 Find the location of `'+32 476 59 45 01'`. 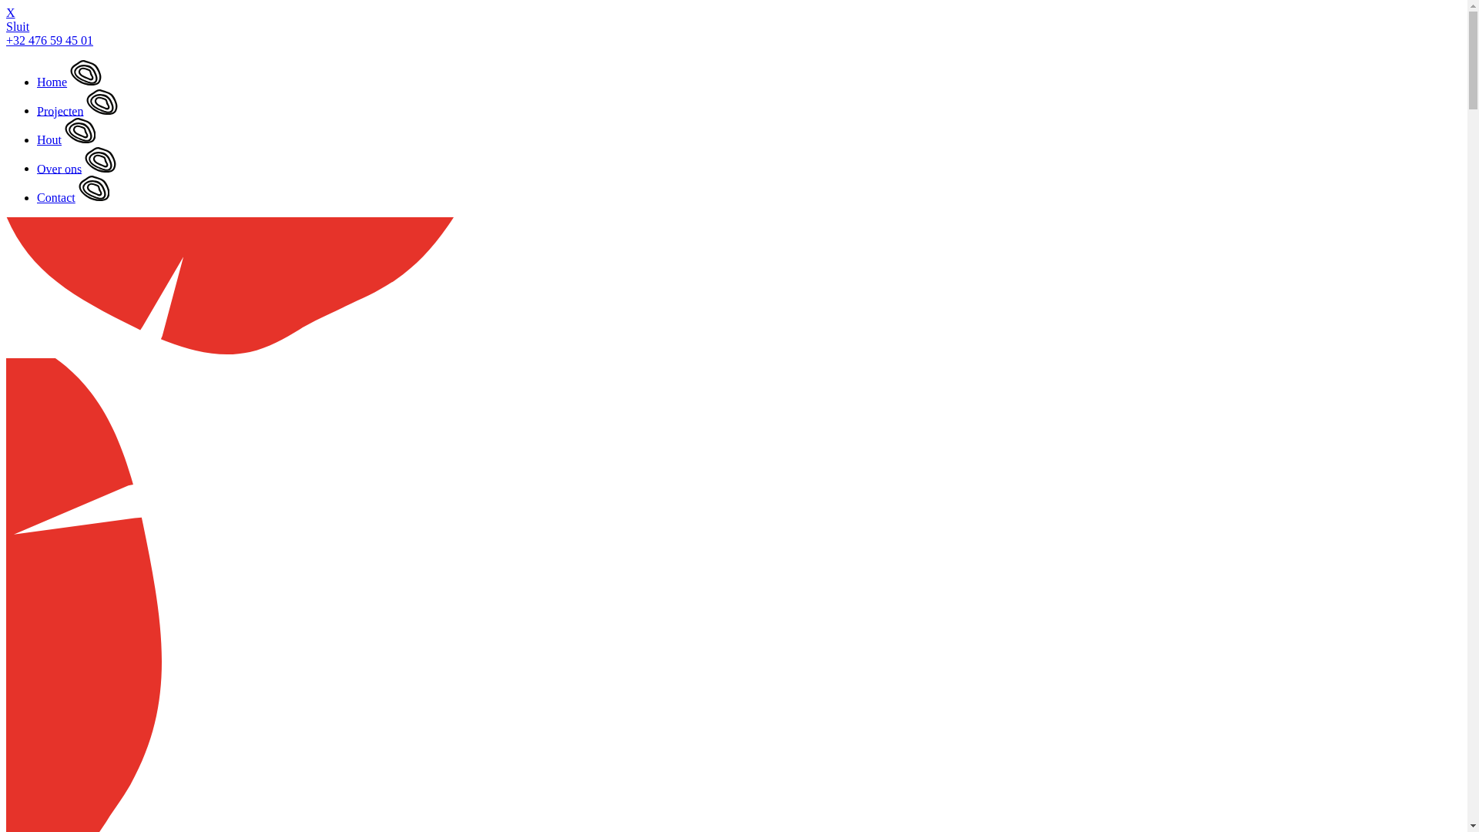

'+32 476 59 45 01' is located at coordinates (49, 39).